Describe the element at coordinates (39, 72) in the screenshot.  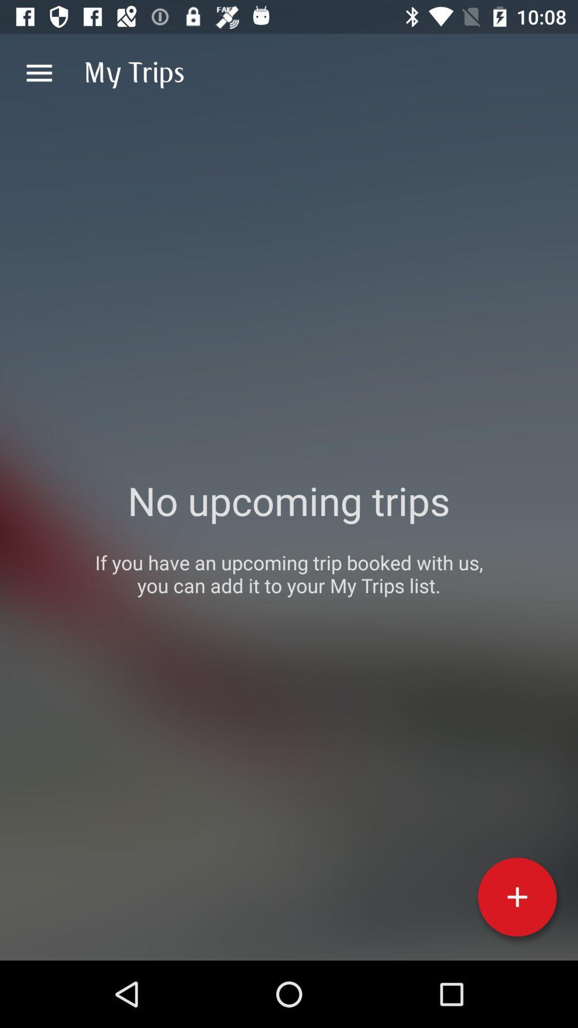
I see `item to the left of the my trips item` at that location.